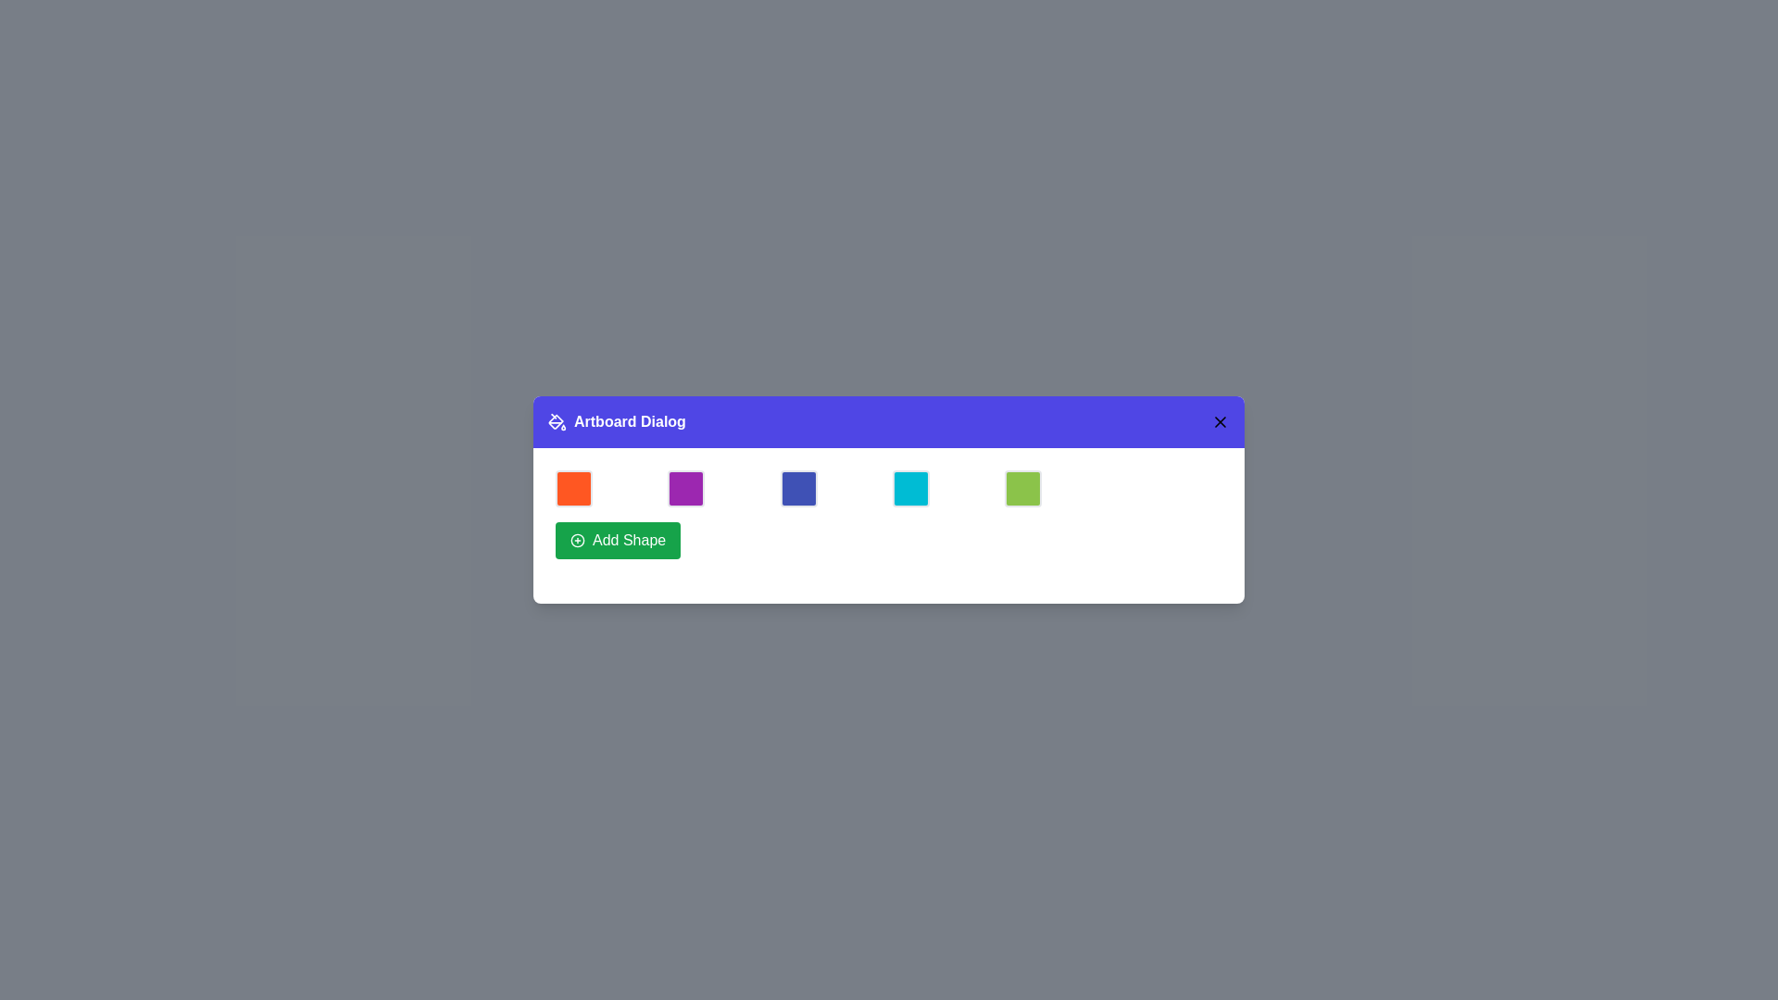 The image size is (1778, 1000). I want to click on 'Add Shape' button to add a new shape to the artboard, so click(618, 540).